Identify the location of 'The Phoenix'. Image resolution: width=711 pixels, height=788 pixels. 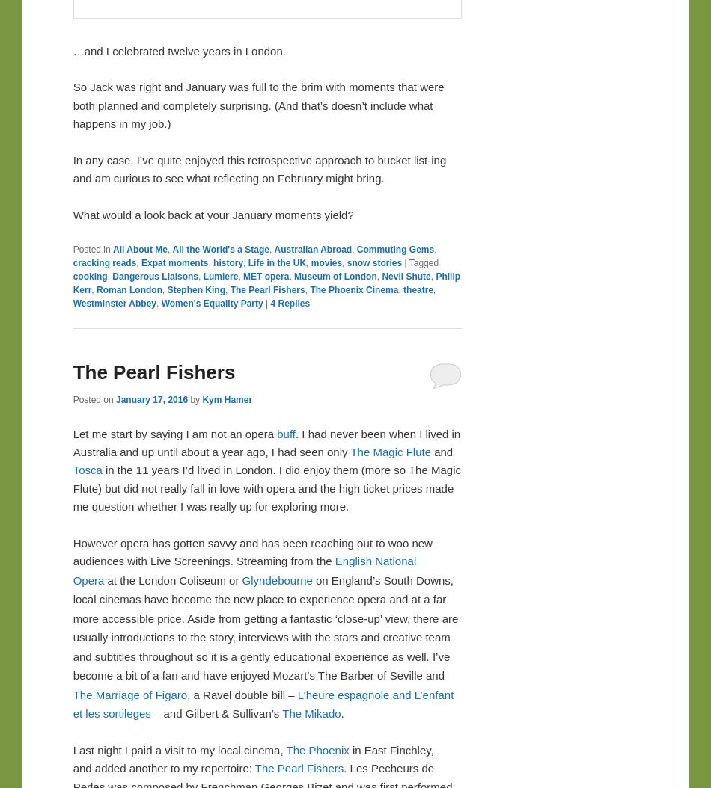
(316, 749).